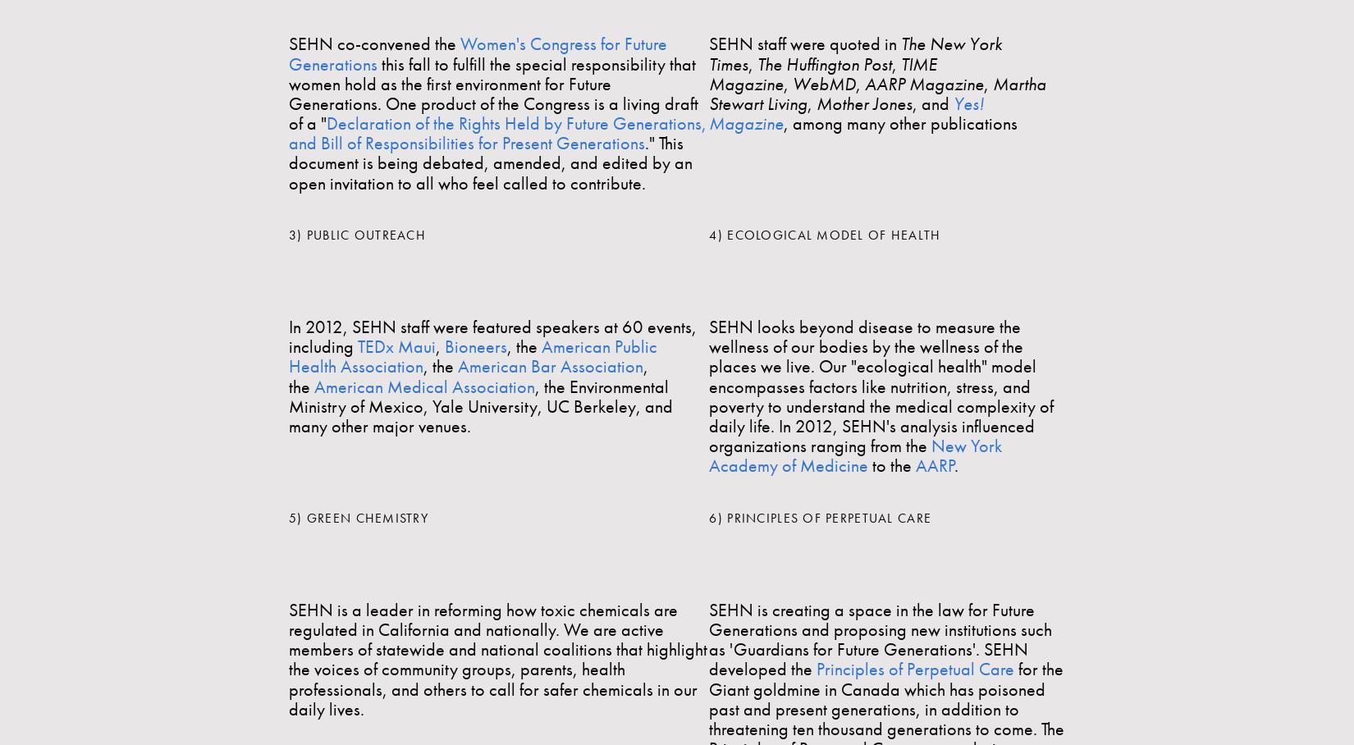  I want to click on 'SEHN co-convened the', so click(288, 43).